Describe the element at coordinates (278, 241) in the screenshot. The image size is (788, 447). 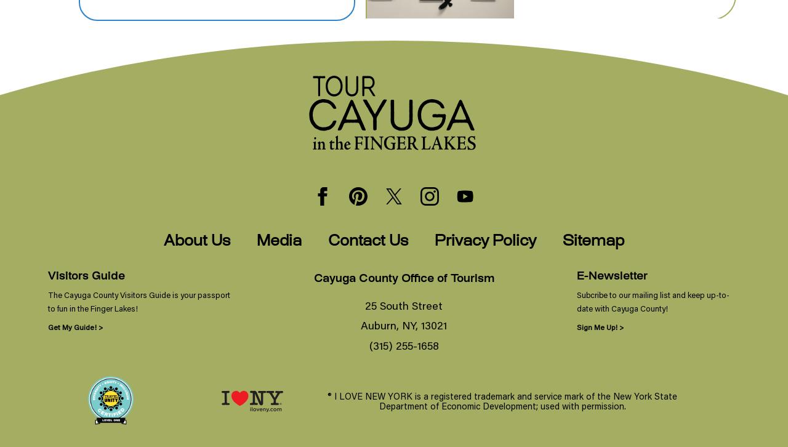
I see `'Media'` at that location.